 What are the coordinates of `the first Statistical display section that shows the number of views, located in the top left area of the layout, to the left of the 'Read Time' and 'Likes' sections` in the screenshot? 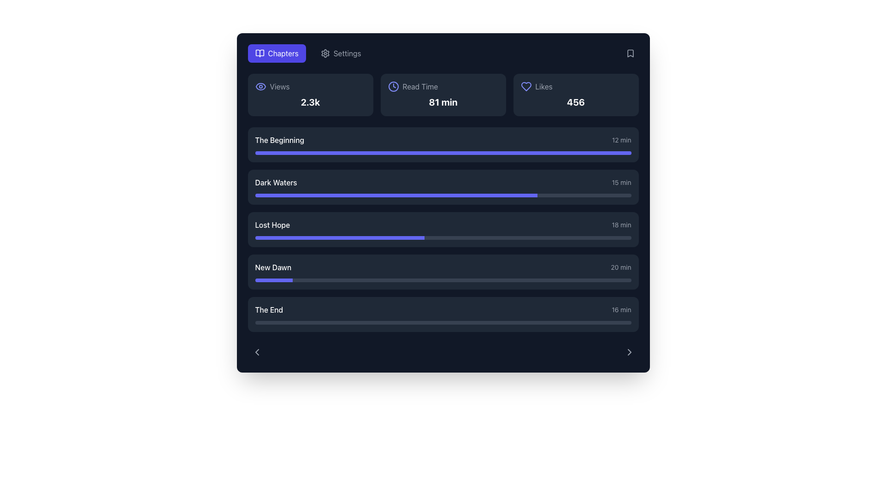 It's located at (310, 95).